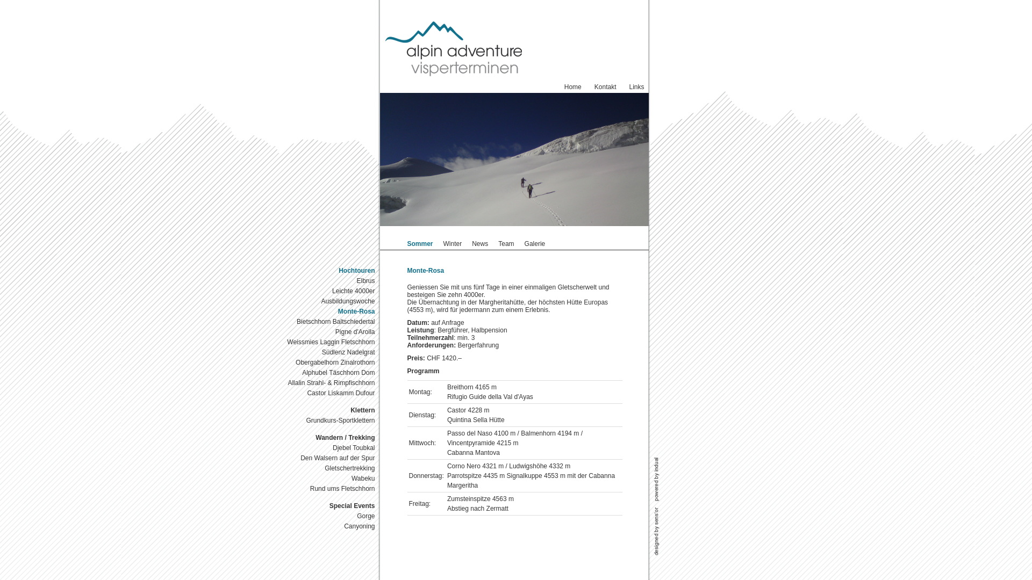  I want to click on 'Bietschhorn Baltschiedertal', so click(327, 321).